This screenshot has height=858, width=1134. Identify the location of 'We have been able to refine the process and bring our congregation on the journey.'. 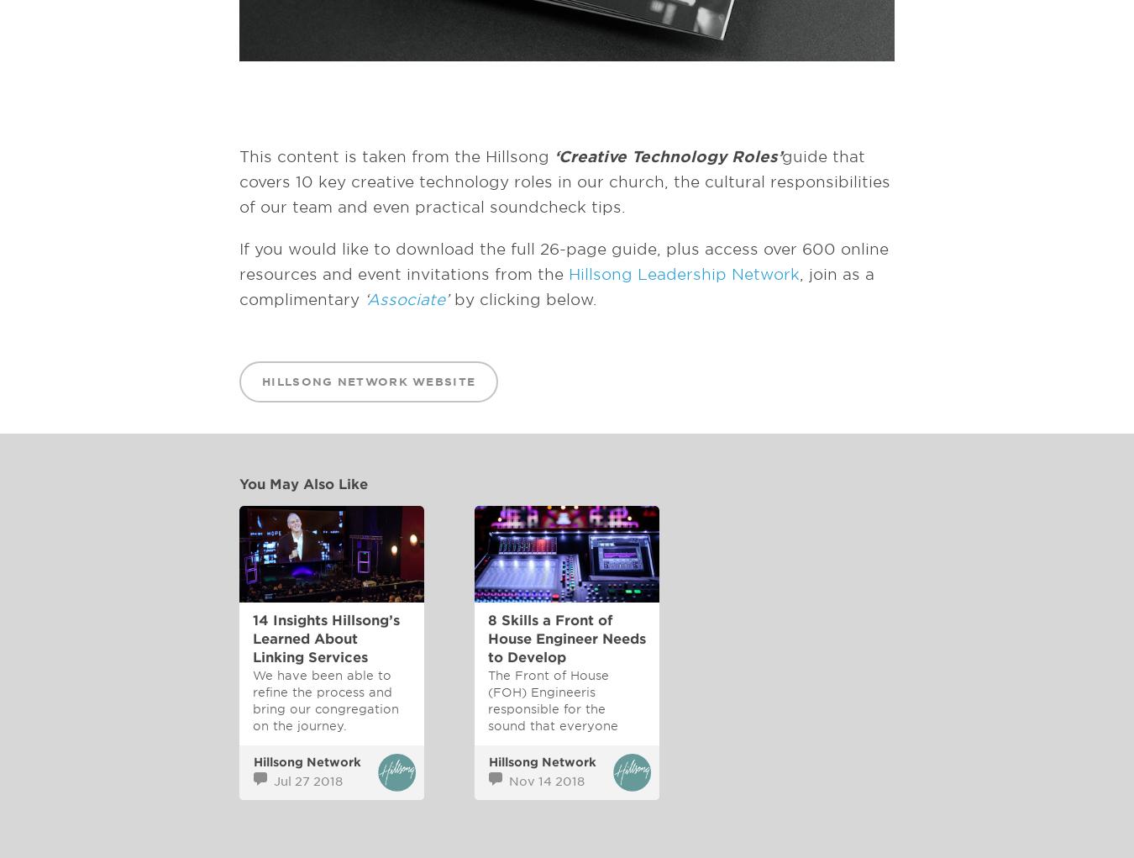
(325, 700).